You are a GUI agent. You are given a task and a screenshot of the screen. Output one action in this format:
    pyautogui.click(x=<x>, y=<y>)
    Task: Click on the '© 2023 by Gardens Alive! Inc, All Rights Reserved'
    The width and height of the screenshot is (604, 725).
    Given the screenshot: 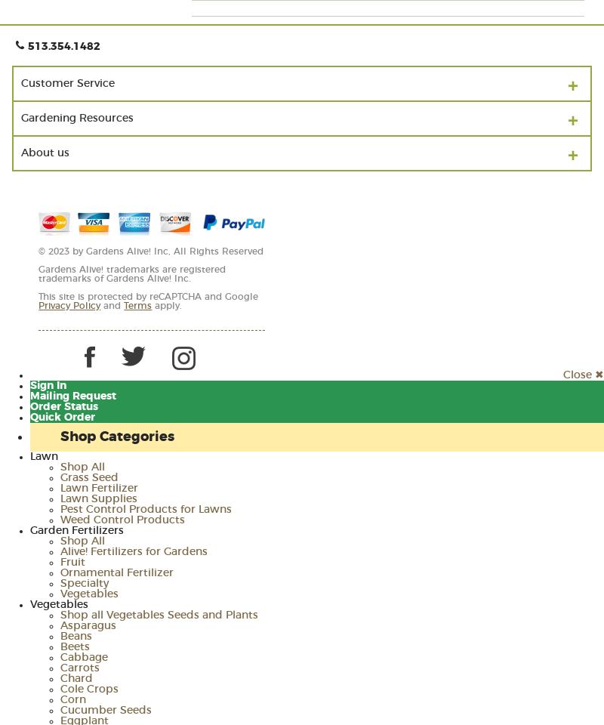 What is the action you would take?
    pyautogui.click(x=151, y=250)
    